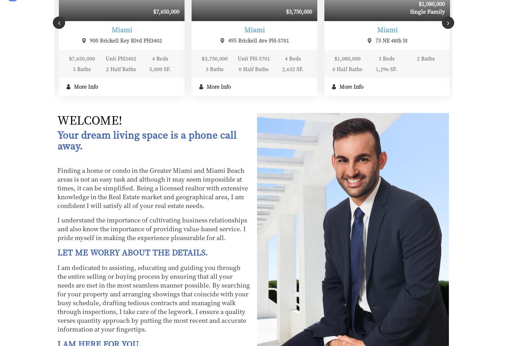 The width and height of the screenshot is (507, 346). Describe the element at coordinates (35, 11) in the screenshot. I see `'$7,650,000'` at that location.